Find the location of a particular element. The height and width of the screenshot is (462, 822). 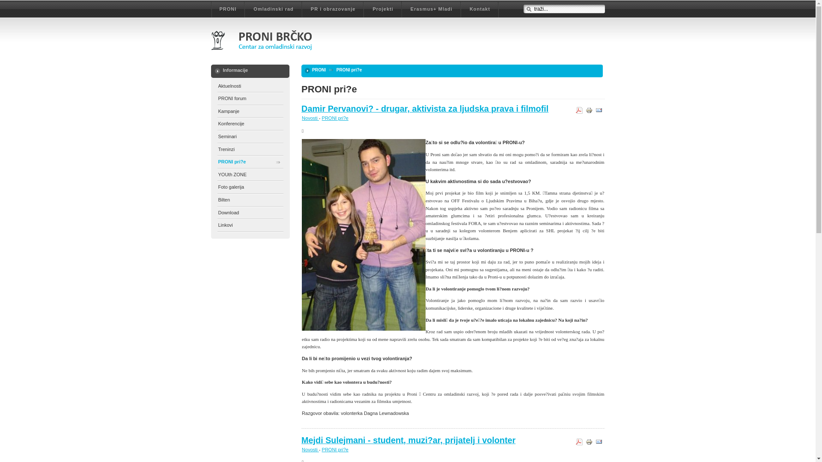

'Novosti' is located at coordinates (310, 118).